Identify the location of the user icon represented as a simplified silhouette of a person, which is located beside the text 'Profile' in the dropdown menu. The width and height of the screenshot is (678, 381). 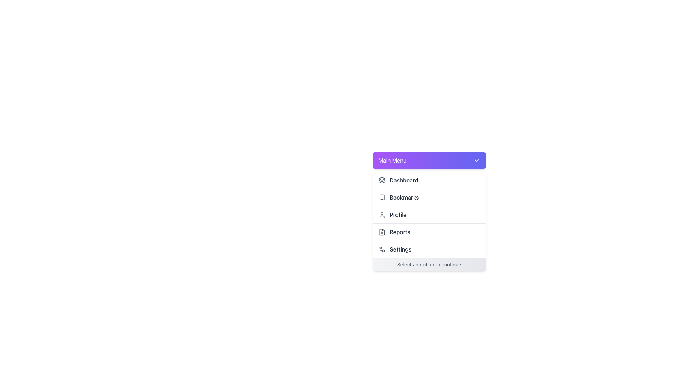
(381, 214).